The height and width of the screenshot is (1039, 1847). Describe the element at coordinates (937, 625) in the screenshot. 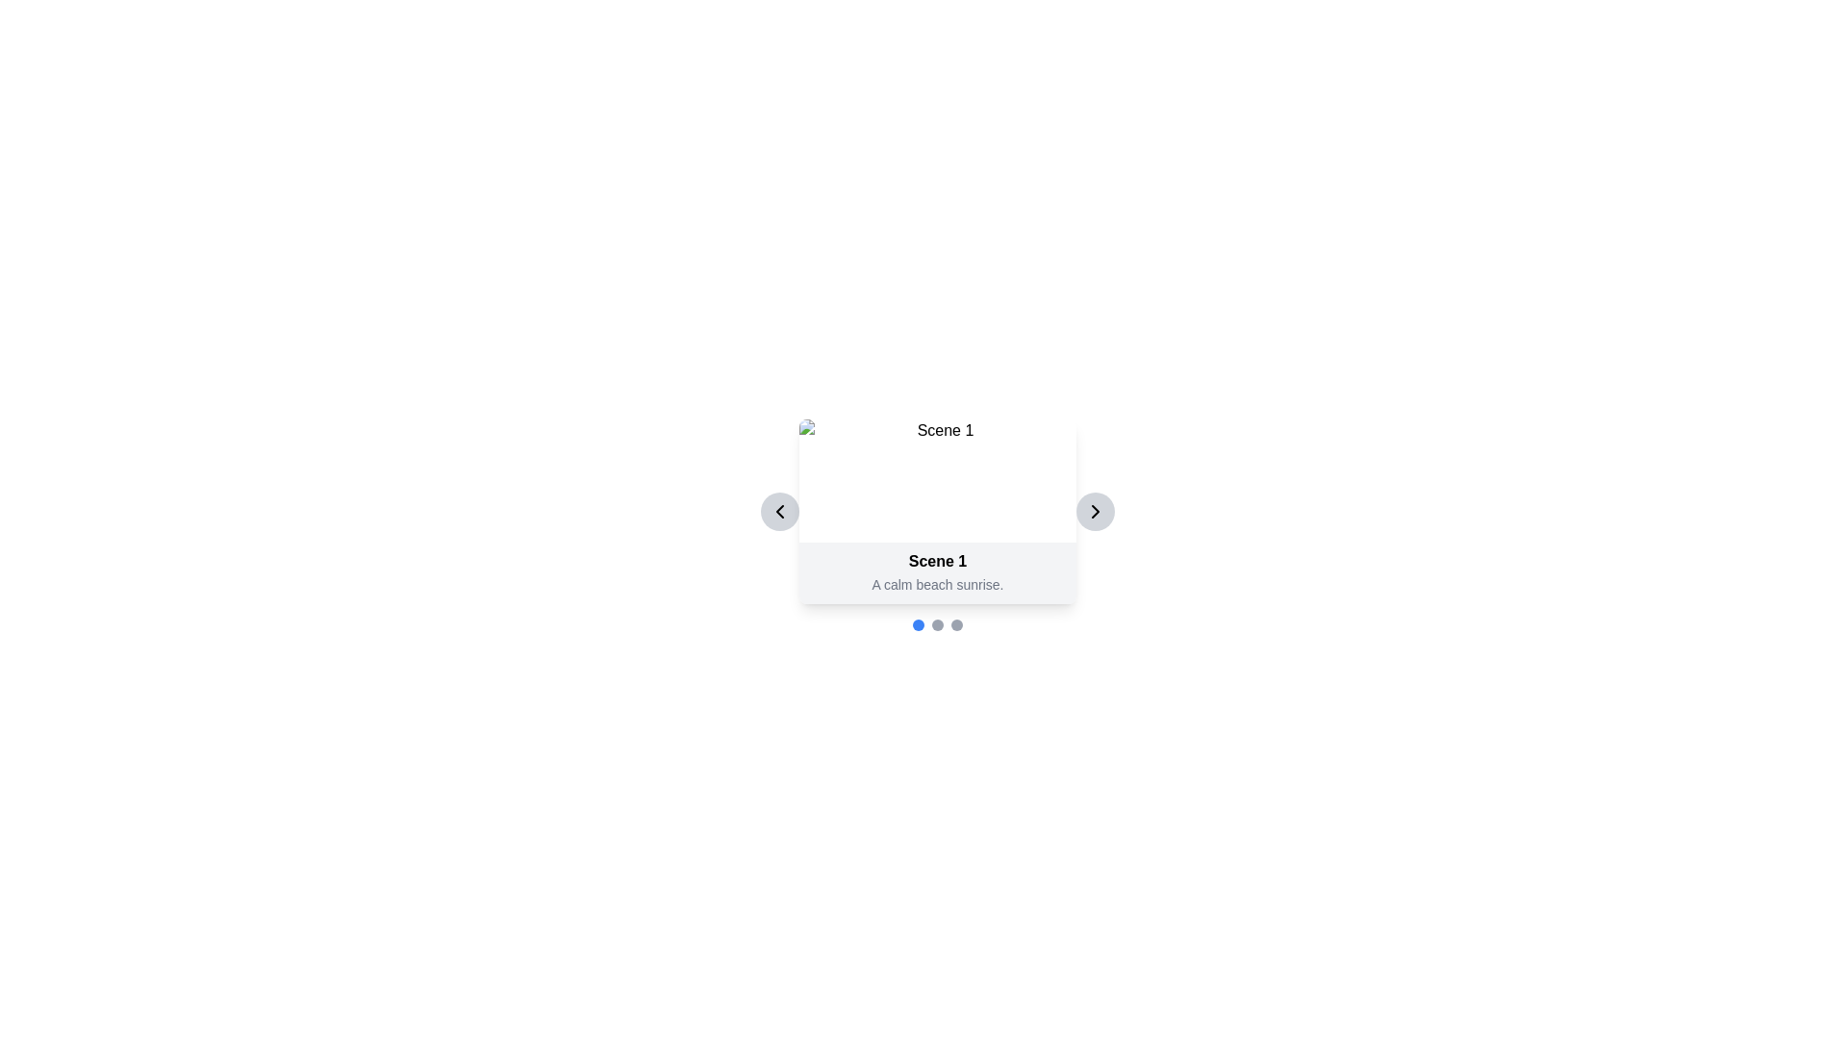

I see `the second interactive navigation indicator button, which is a small circular element with a gray background` at that location.